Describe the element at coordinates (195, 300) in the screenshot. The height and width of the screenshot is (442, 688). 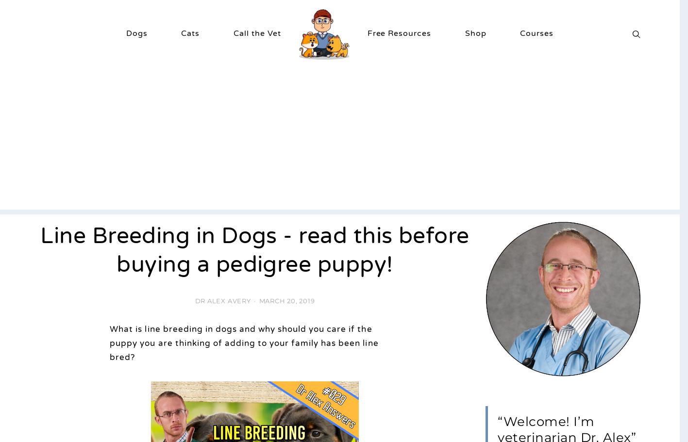
I see `'Dr Alex Avery'` at that location.